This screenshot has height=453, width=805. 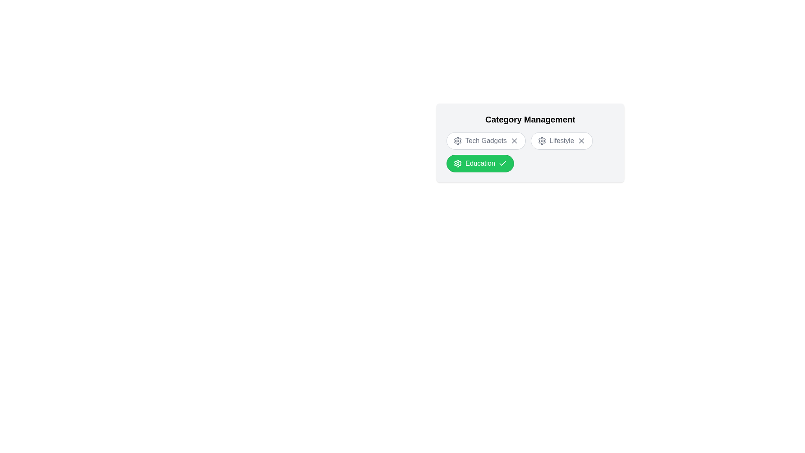 What do you see at coordinates (562, 140) in the screenshot?
I see `the Lifestyle chip to toggle its activation state` at bounding box center [562, 140].